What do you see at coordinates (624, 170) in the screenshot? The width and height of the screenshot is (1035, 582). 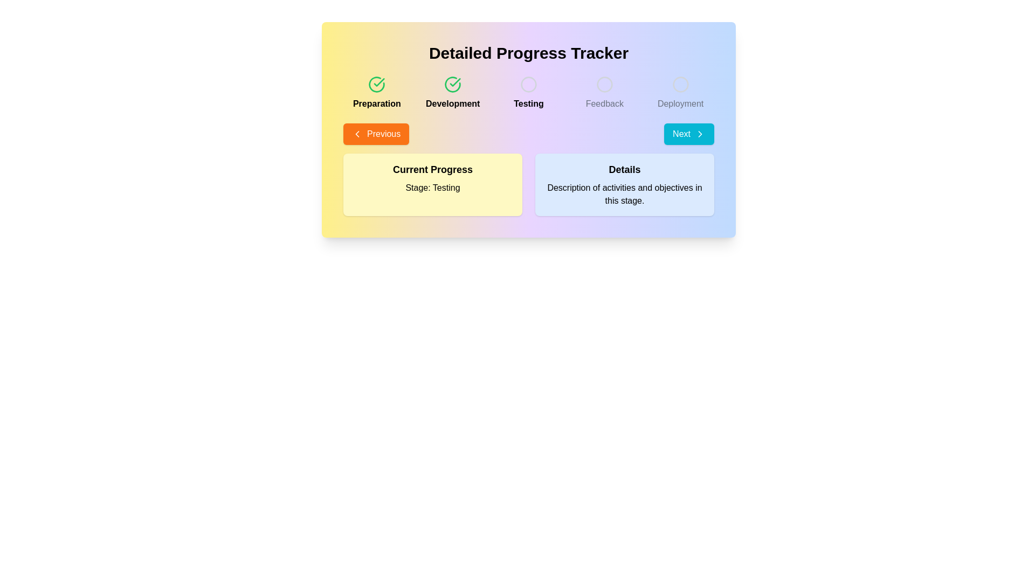 I see `text content of the 'Details' label, which is a large, bold text styled in dark color on a light blue background, positioned within the right side of the interface` at bounding box center [624, 170].